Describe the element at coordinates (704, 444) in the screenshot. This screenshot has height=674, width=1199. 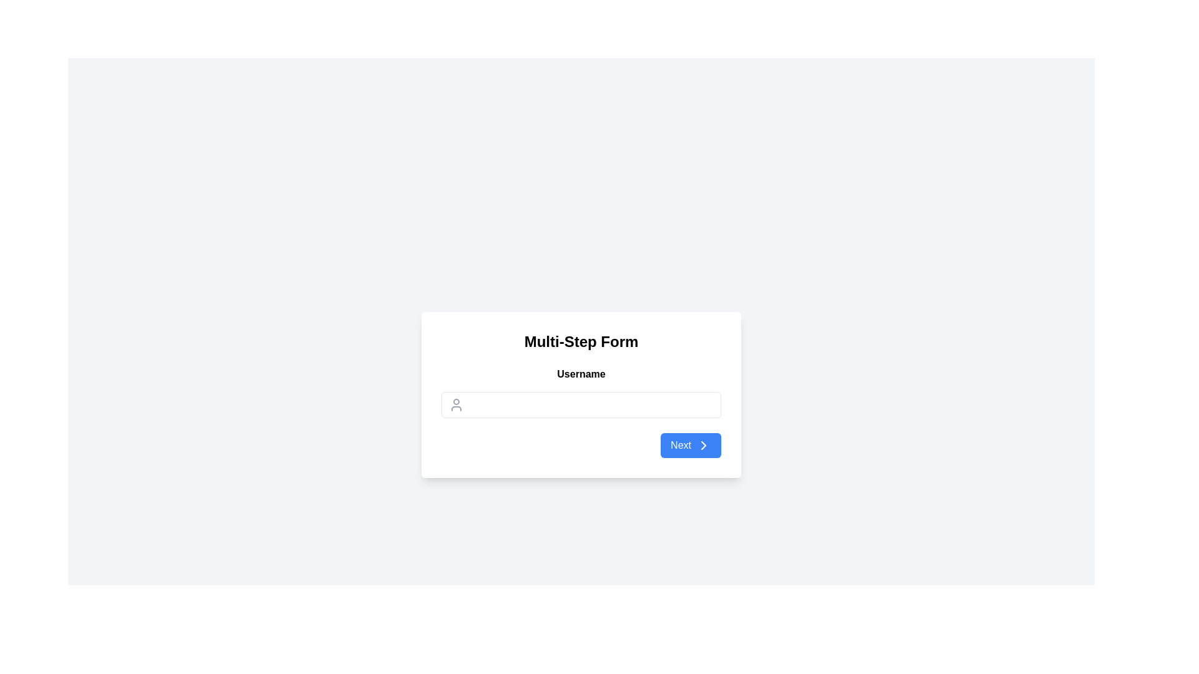
I see `the right-pointing chevron SVG icon located at the far-right side of the 'Next' button` at that location.